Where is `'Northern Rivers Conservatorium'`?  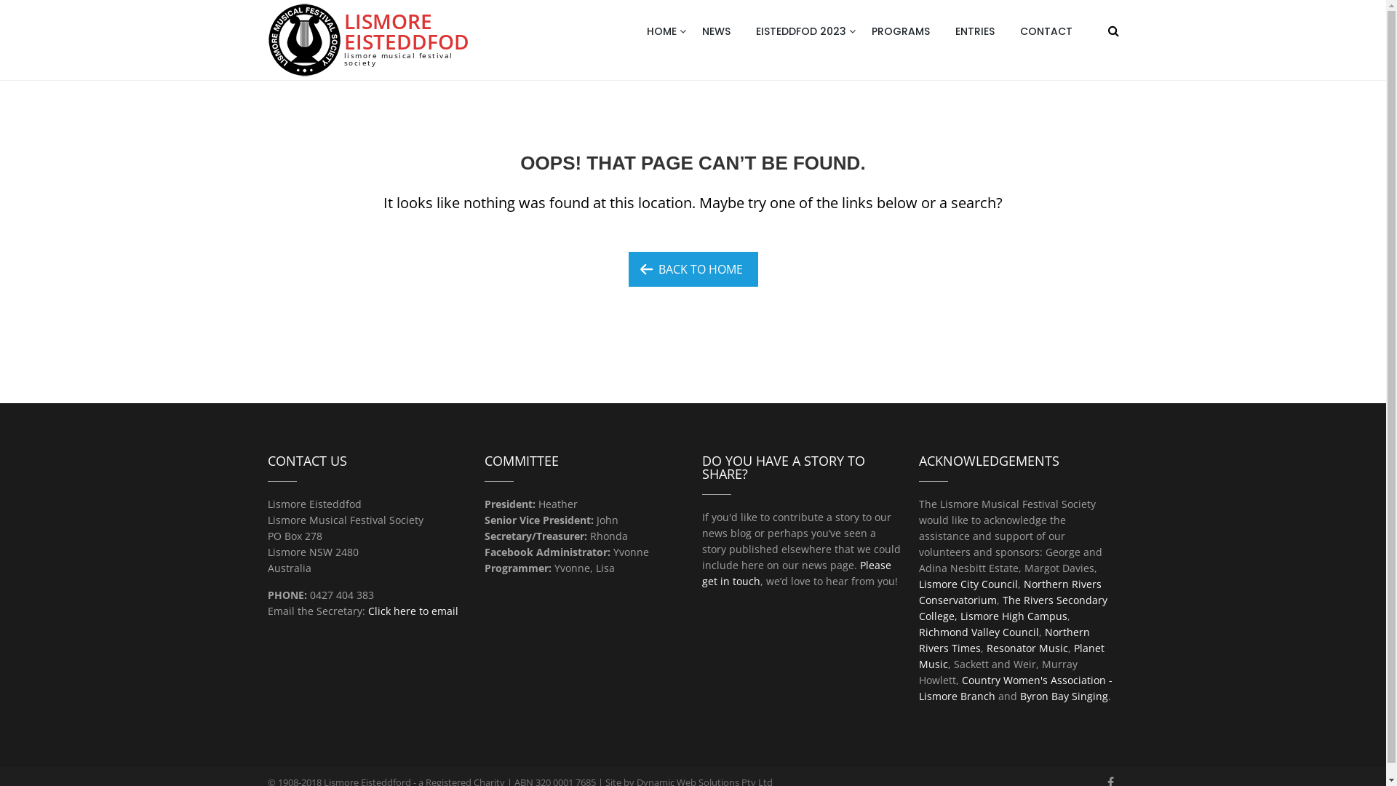 'Northern Rivers Conservatorium' is located at coordinates (1009, 592).